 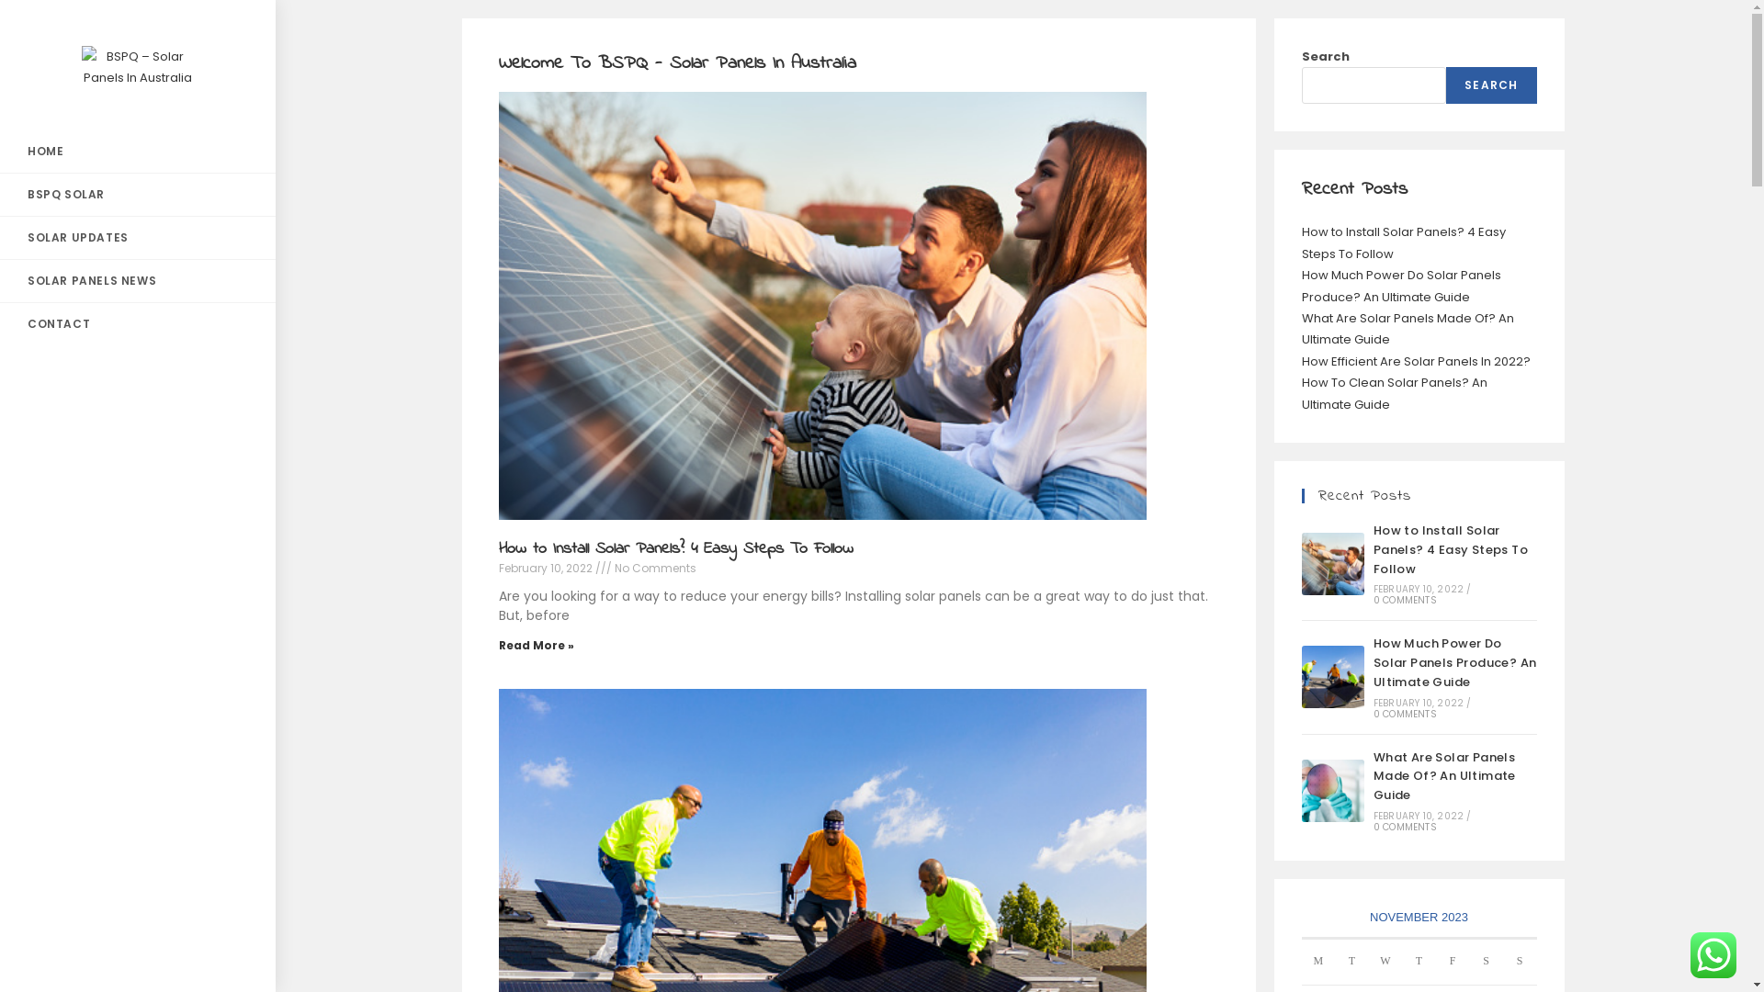 I want to click on 'How Efficient Are Solar Panels In 2022?', so click(x=1414, y=361).